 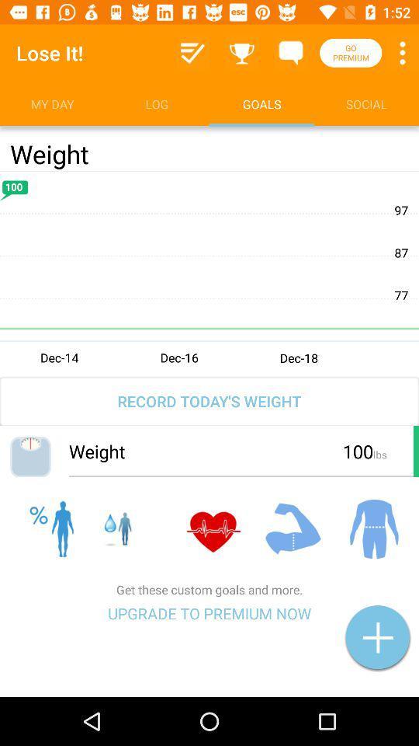 I want to click on the information, so click(x=192, y=53).